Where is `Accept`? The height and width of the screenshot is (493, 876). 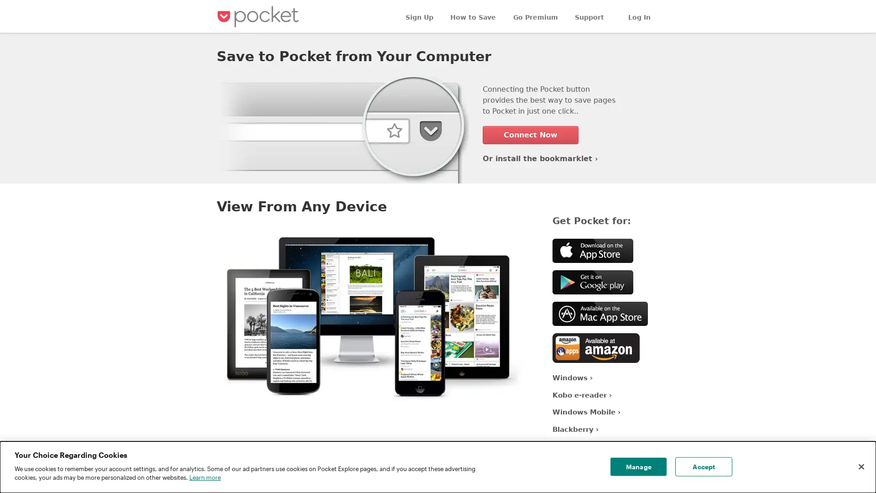
Accept is located at coordinates (703, 467).